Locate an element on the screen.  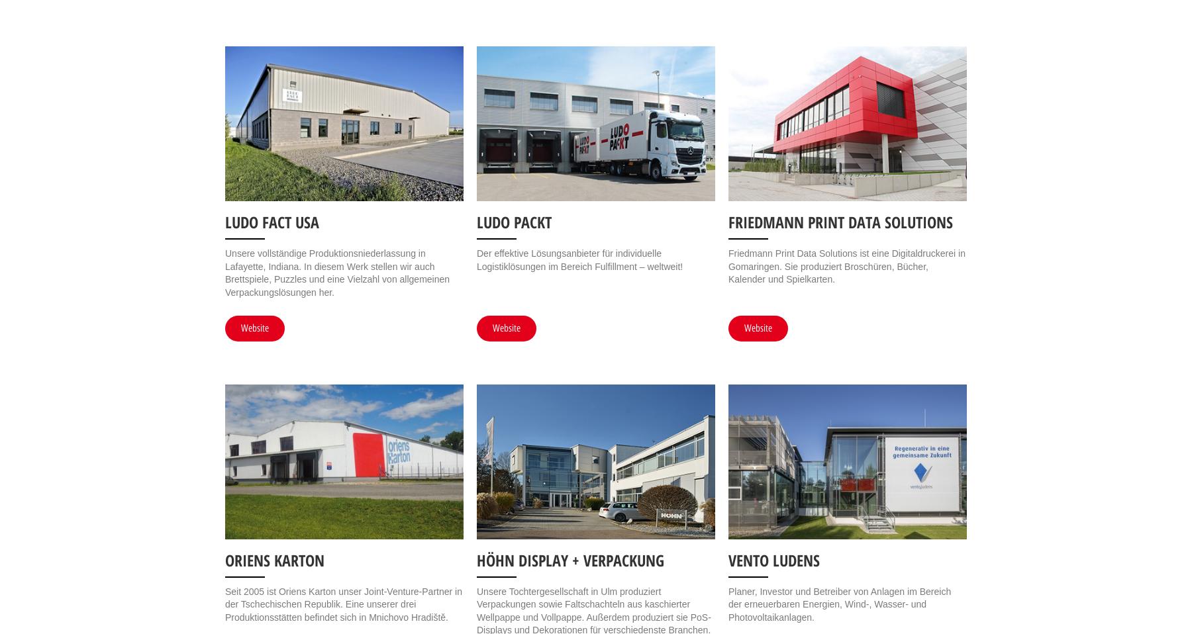
'LUDO FACT USA' is located at coordinates (225, 220).